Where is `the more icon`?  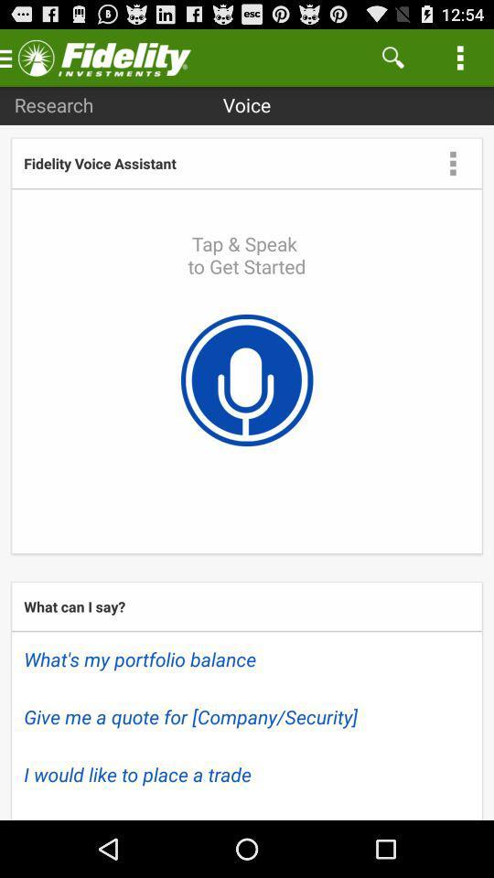
the more icon is located at coordinates (452, 175).